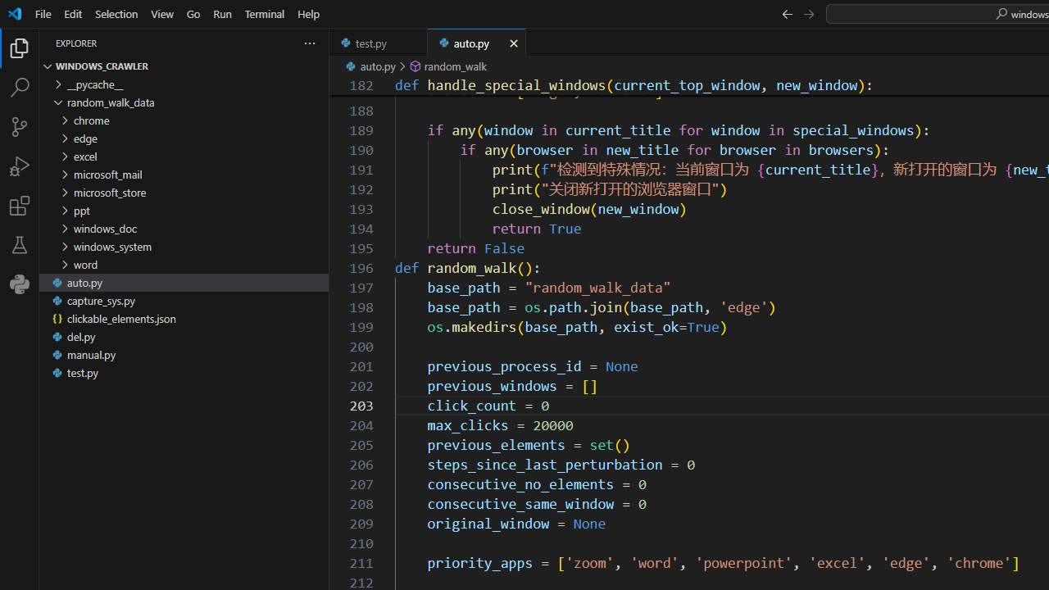 Image resolution: width=1049 pixels, height=590 pixels. Describe the element at coordinates (20, 284) in the screenshot. I see `'Python'` at that location.